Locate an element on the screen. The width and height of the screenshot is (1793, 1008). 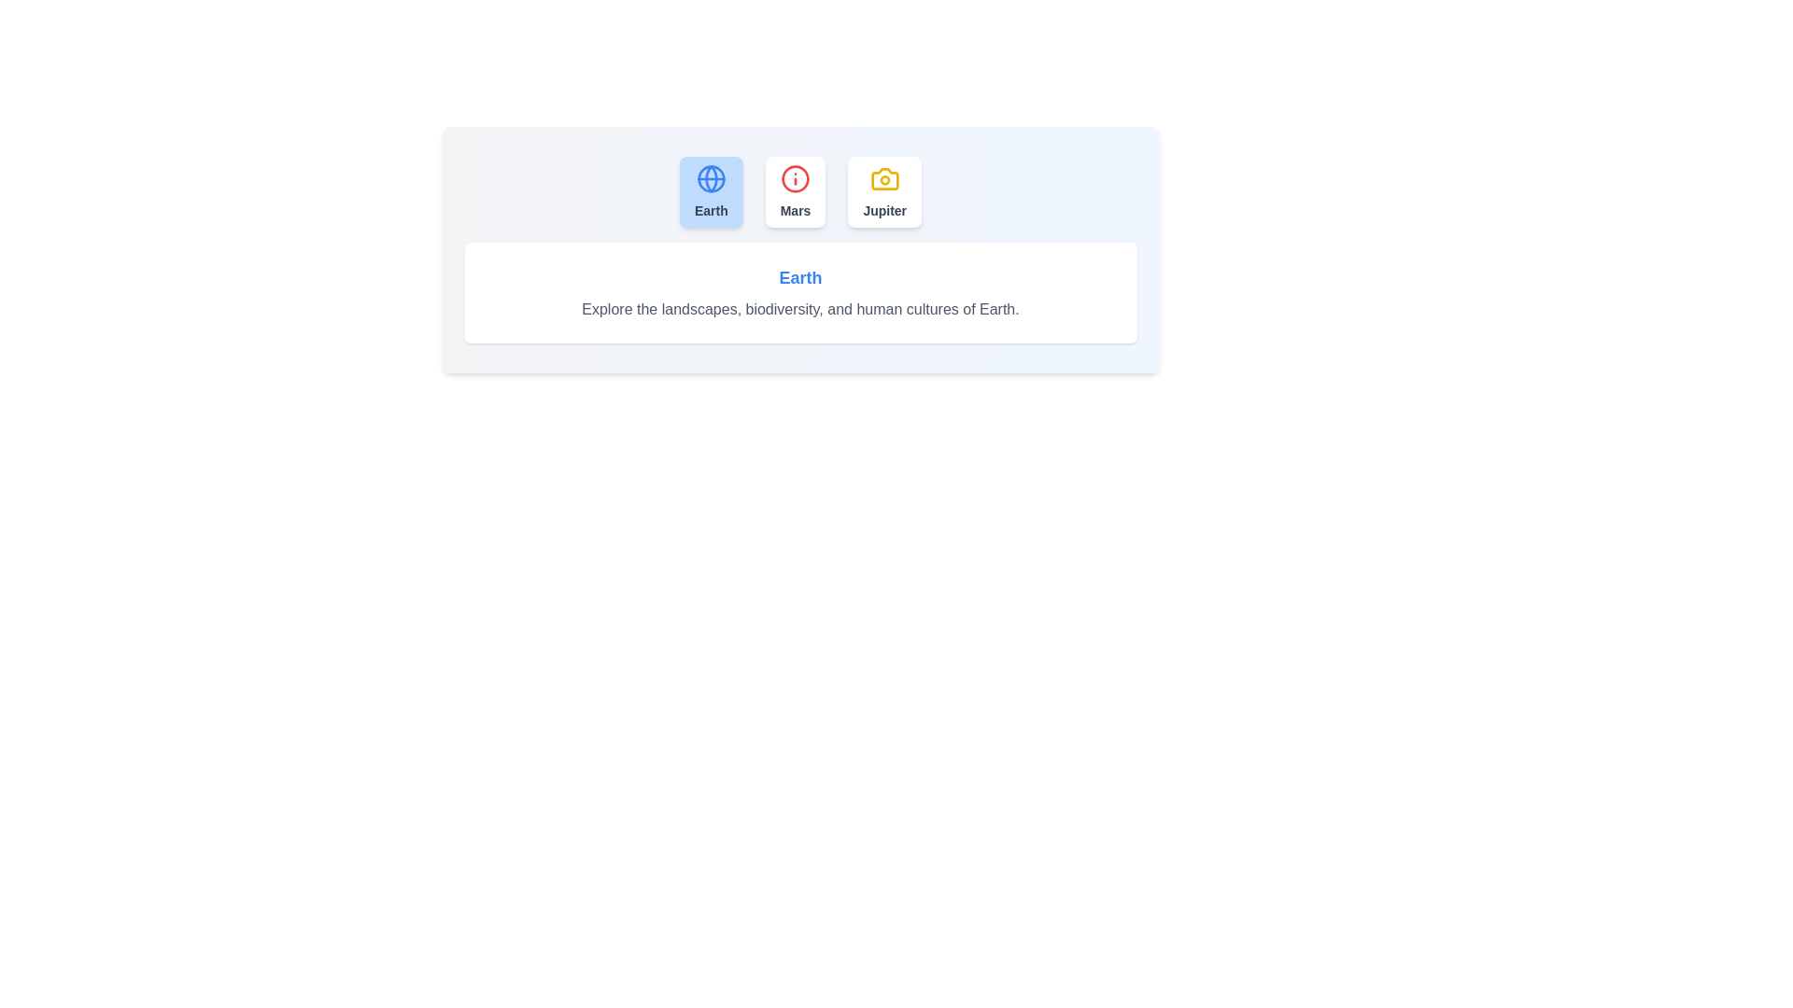
the button for the planet Earth is located at coordinates (710, 191).